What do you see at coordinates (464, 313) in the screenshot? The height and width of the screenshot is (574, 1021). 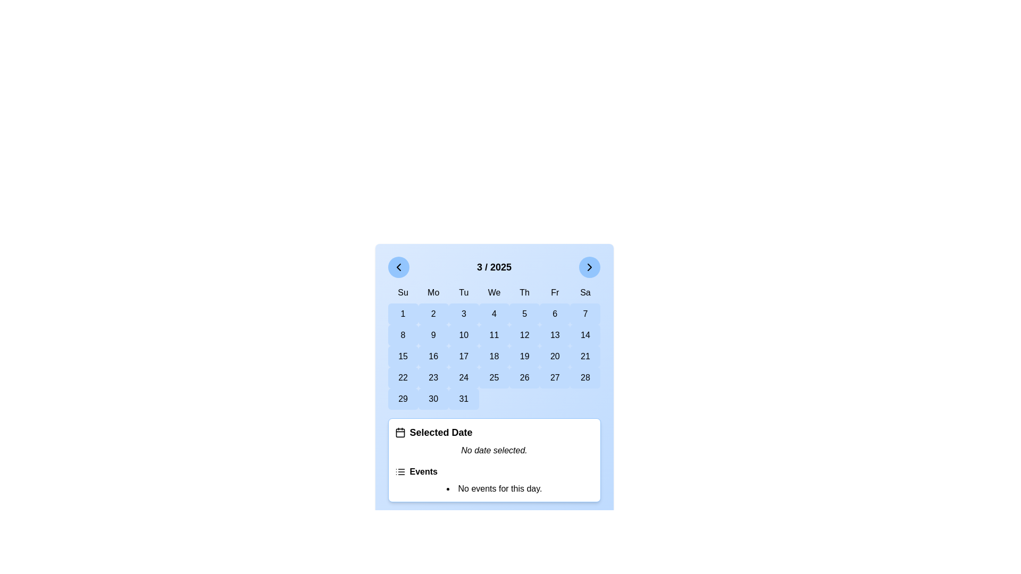 I see `the rounded rectangle button labeled '3' with a light blue background in the calendar grid layout` at bounding box center [464, 313].